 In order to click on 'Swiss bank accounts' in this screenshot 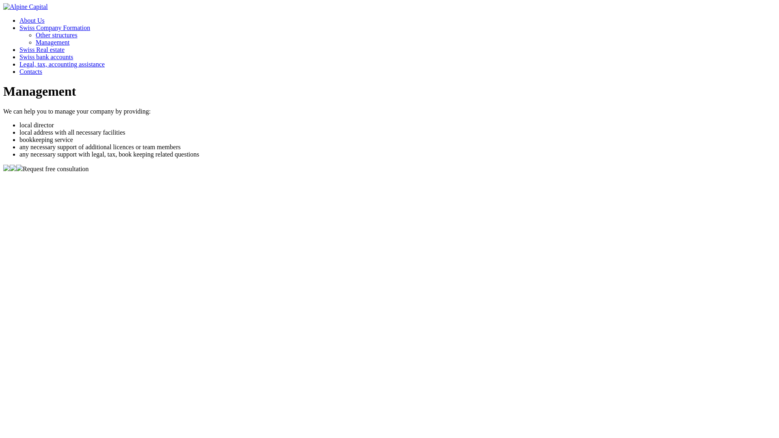, I will do `click(46, 56)`.